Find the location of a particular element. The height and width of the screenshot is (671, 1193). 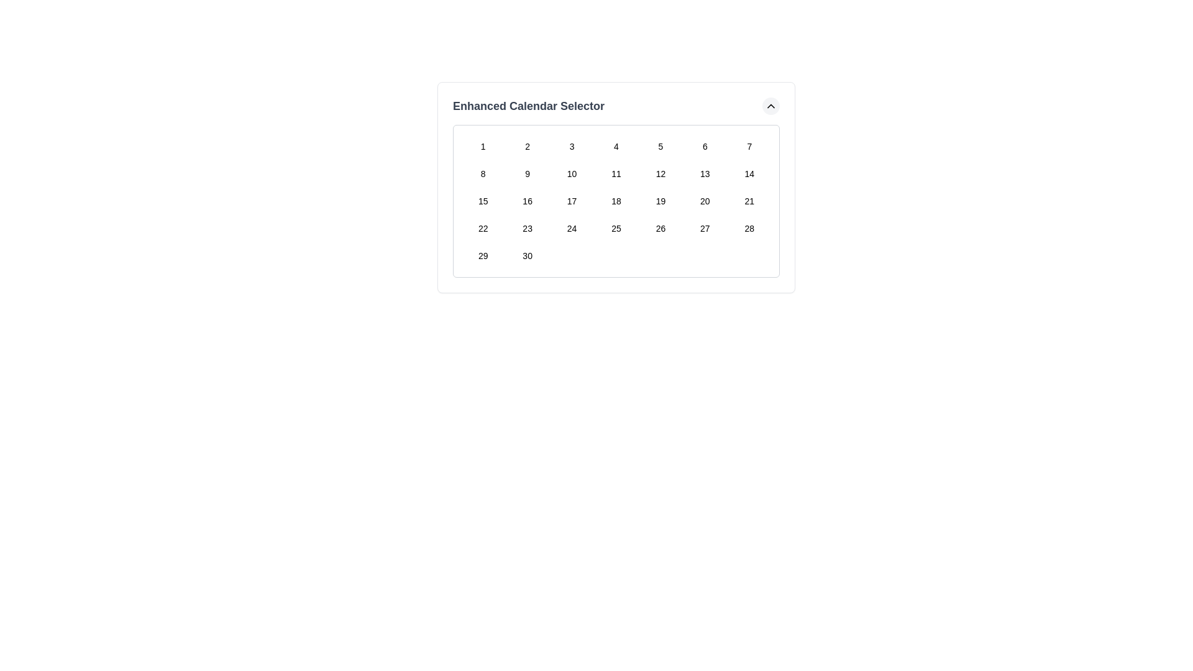

the button displaying the number '5' in bold text style is located at coordinates (660, 145).